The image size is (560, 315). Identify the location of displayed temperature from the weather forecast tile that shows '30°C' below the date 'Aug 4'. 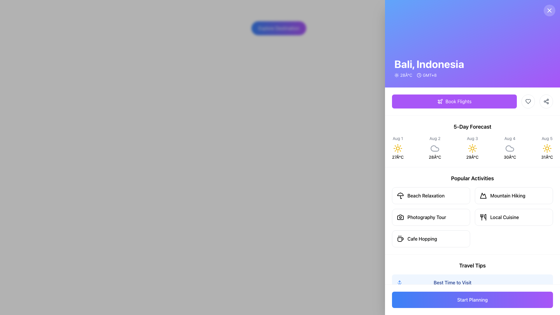
(510, 147).